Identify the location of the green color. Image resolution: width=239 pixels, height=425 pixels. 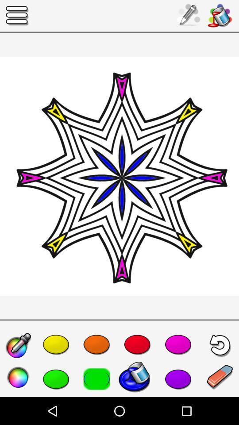
(56, 379).